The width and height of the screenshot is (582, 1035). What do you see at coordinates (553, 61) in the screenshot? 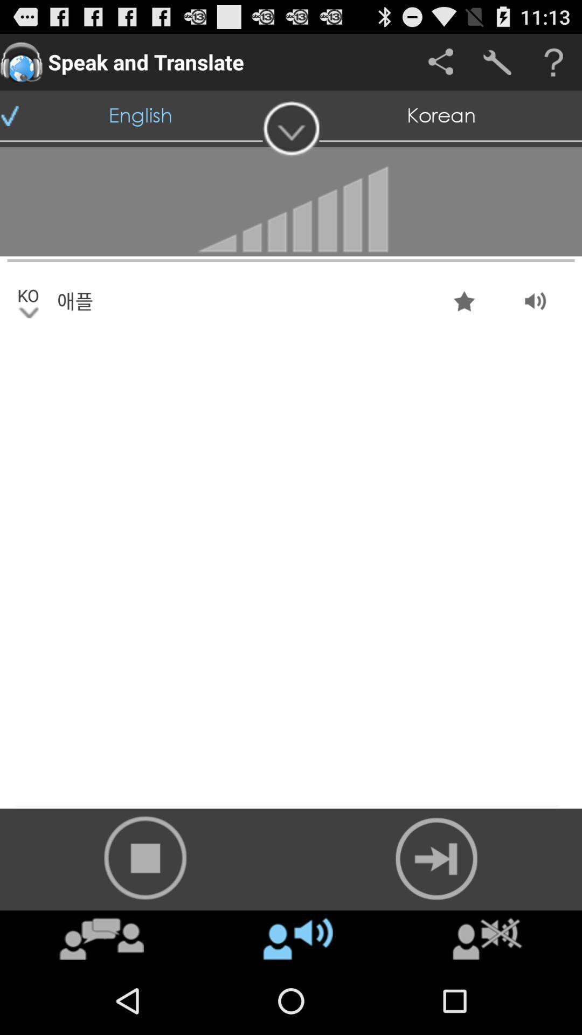
I see `help option` at bounding box center [553, 61].